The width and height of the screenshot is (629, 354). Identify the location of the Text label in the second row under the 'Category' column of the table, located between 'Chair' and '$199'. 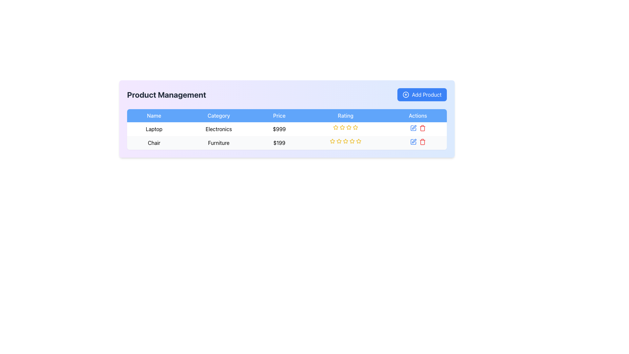
(219, 142).